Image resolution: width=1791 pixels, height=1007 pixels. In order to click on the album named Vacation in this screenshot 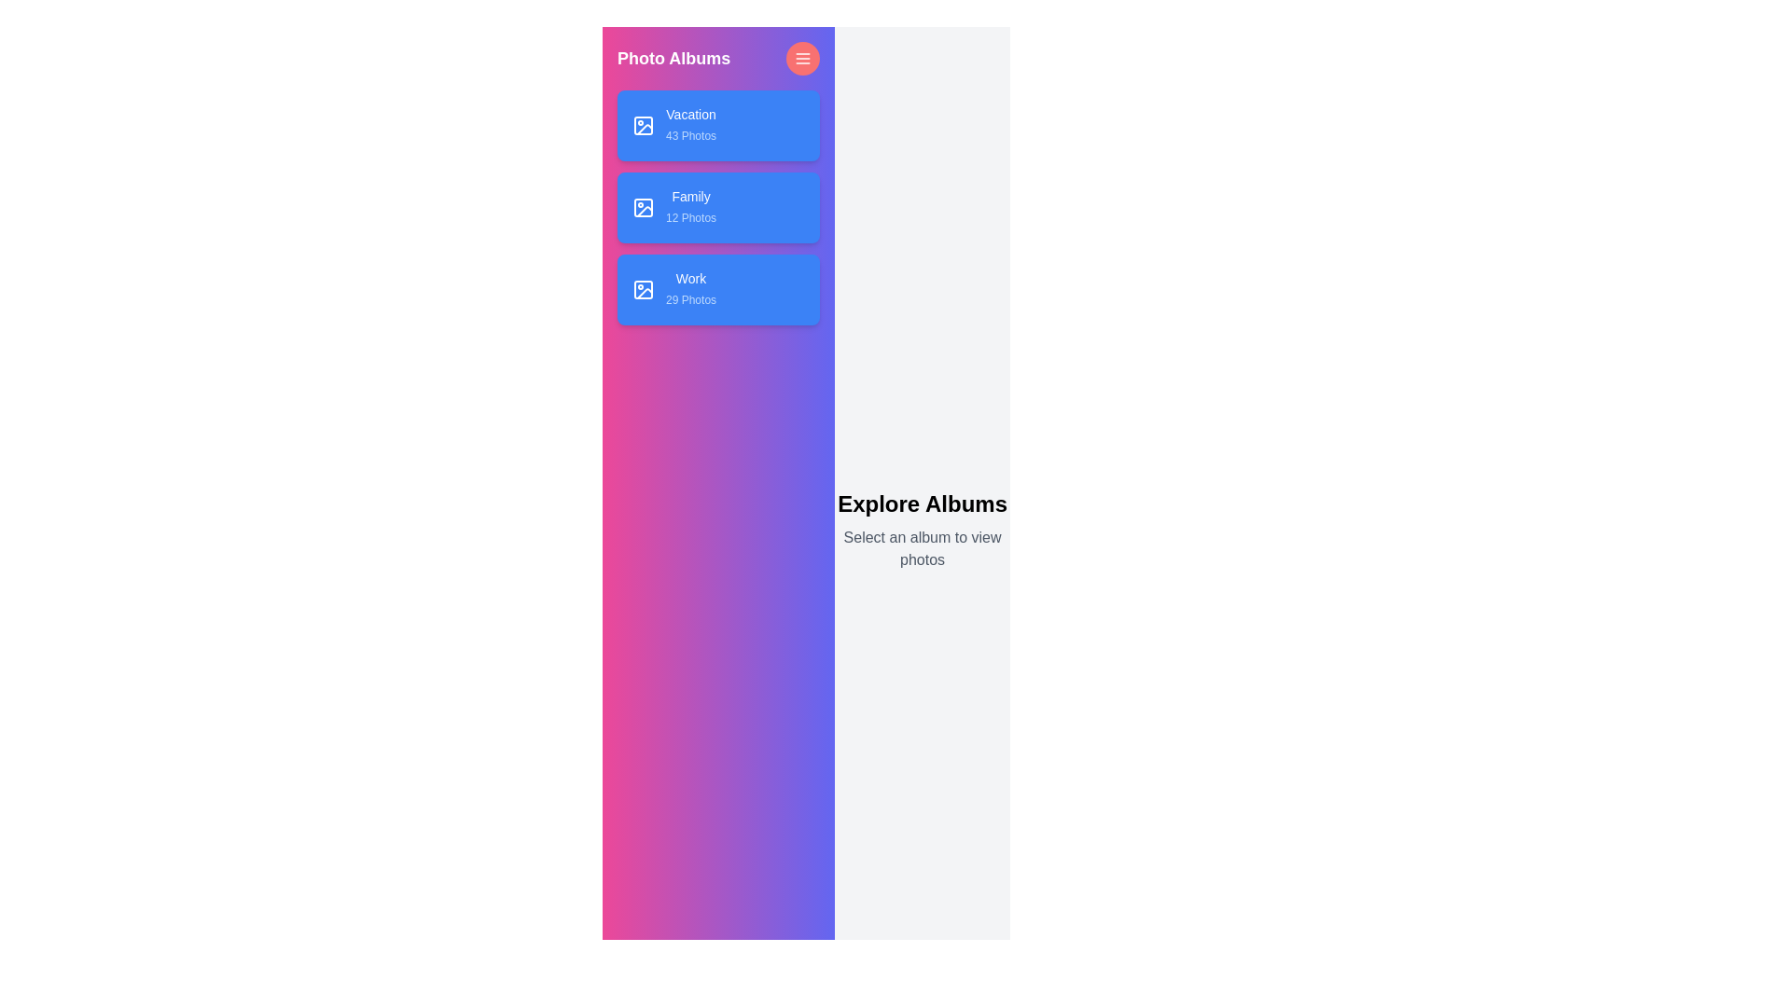, I will do `click(717, 126)`.